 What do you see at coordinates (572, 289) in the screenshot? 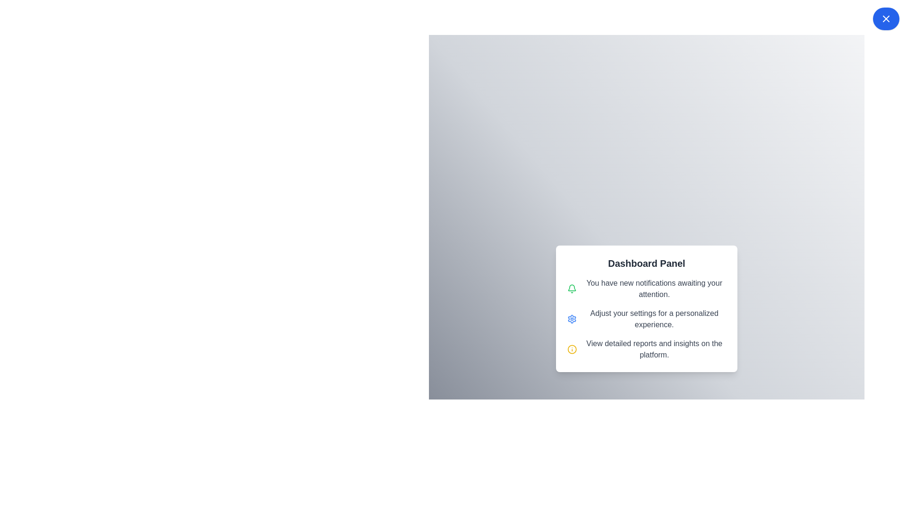
I see `the bell icon with a green outline in the Dashboard Panel that indicates notification functionality` at bounding box center [572, 289].